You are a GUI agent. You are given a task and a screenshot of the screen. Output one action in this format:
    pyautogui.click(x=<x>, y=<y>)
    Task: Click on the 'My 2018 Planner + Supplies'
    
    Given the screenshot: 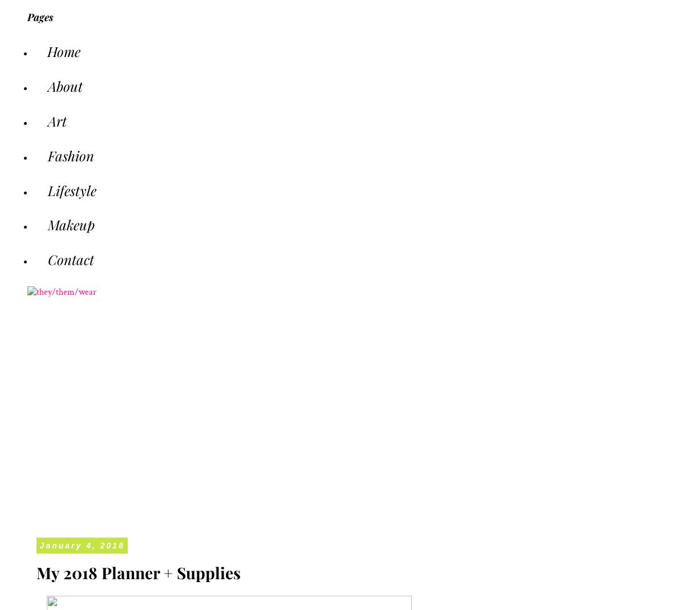 What is the action you would take?
    pyautogui.click(x=139, y=572)
    